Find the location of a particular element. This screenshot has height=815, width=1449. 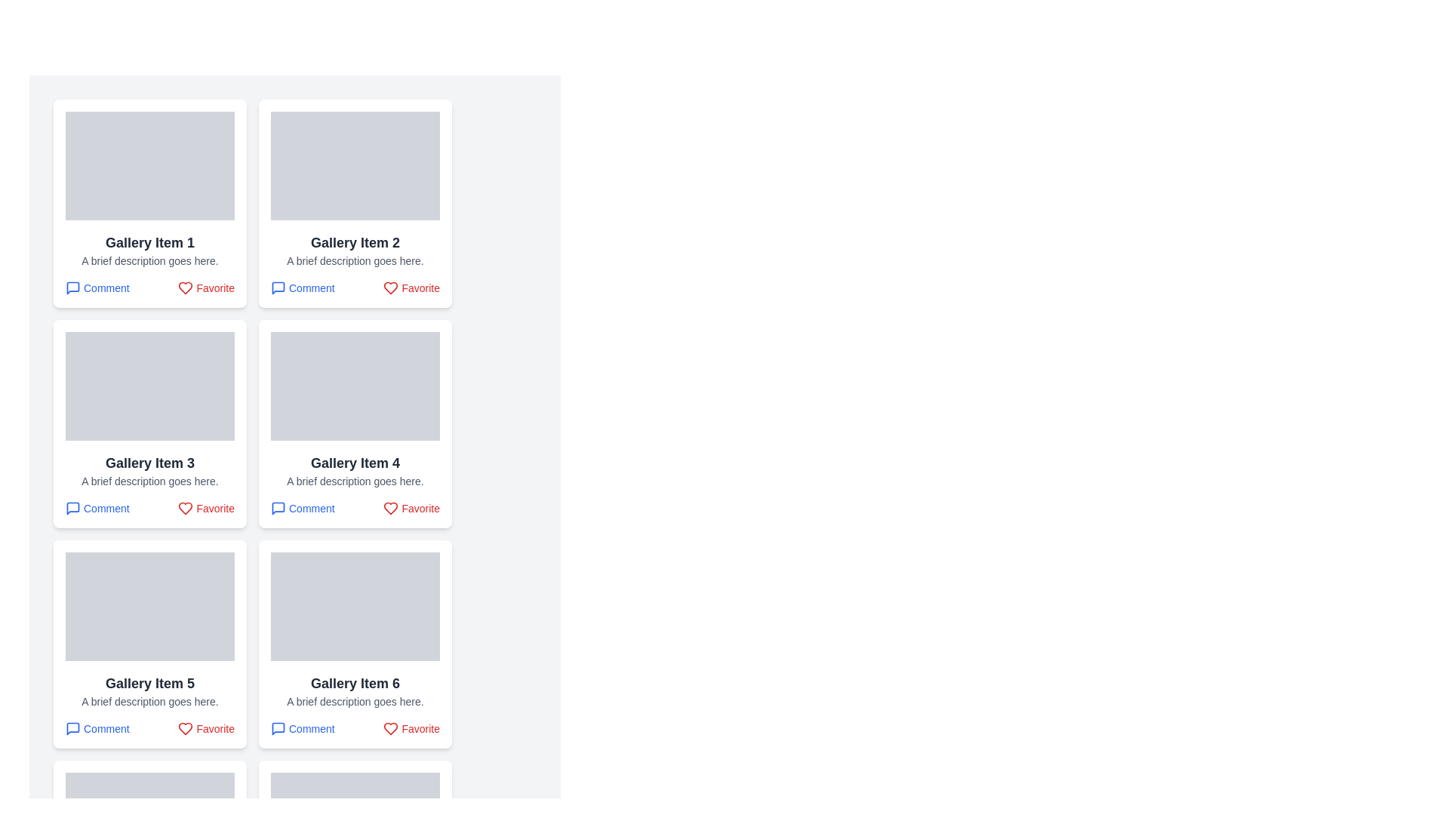

the message square outline icon with a thin blue stroke, located to the left of the text 'Comment' beneath the card titled 'Gallery Item 2' in the second column of the grid is located at coordinates (278, 288).